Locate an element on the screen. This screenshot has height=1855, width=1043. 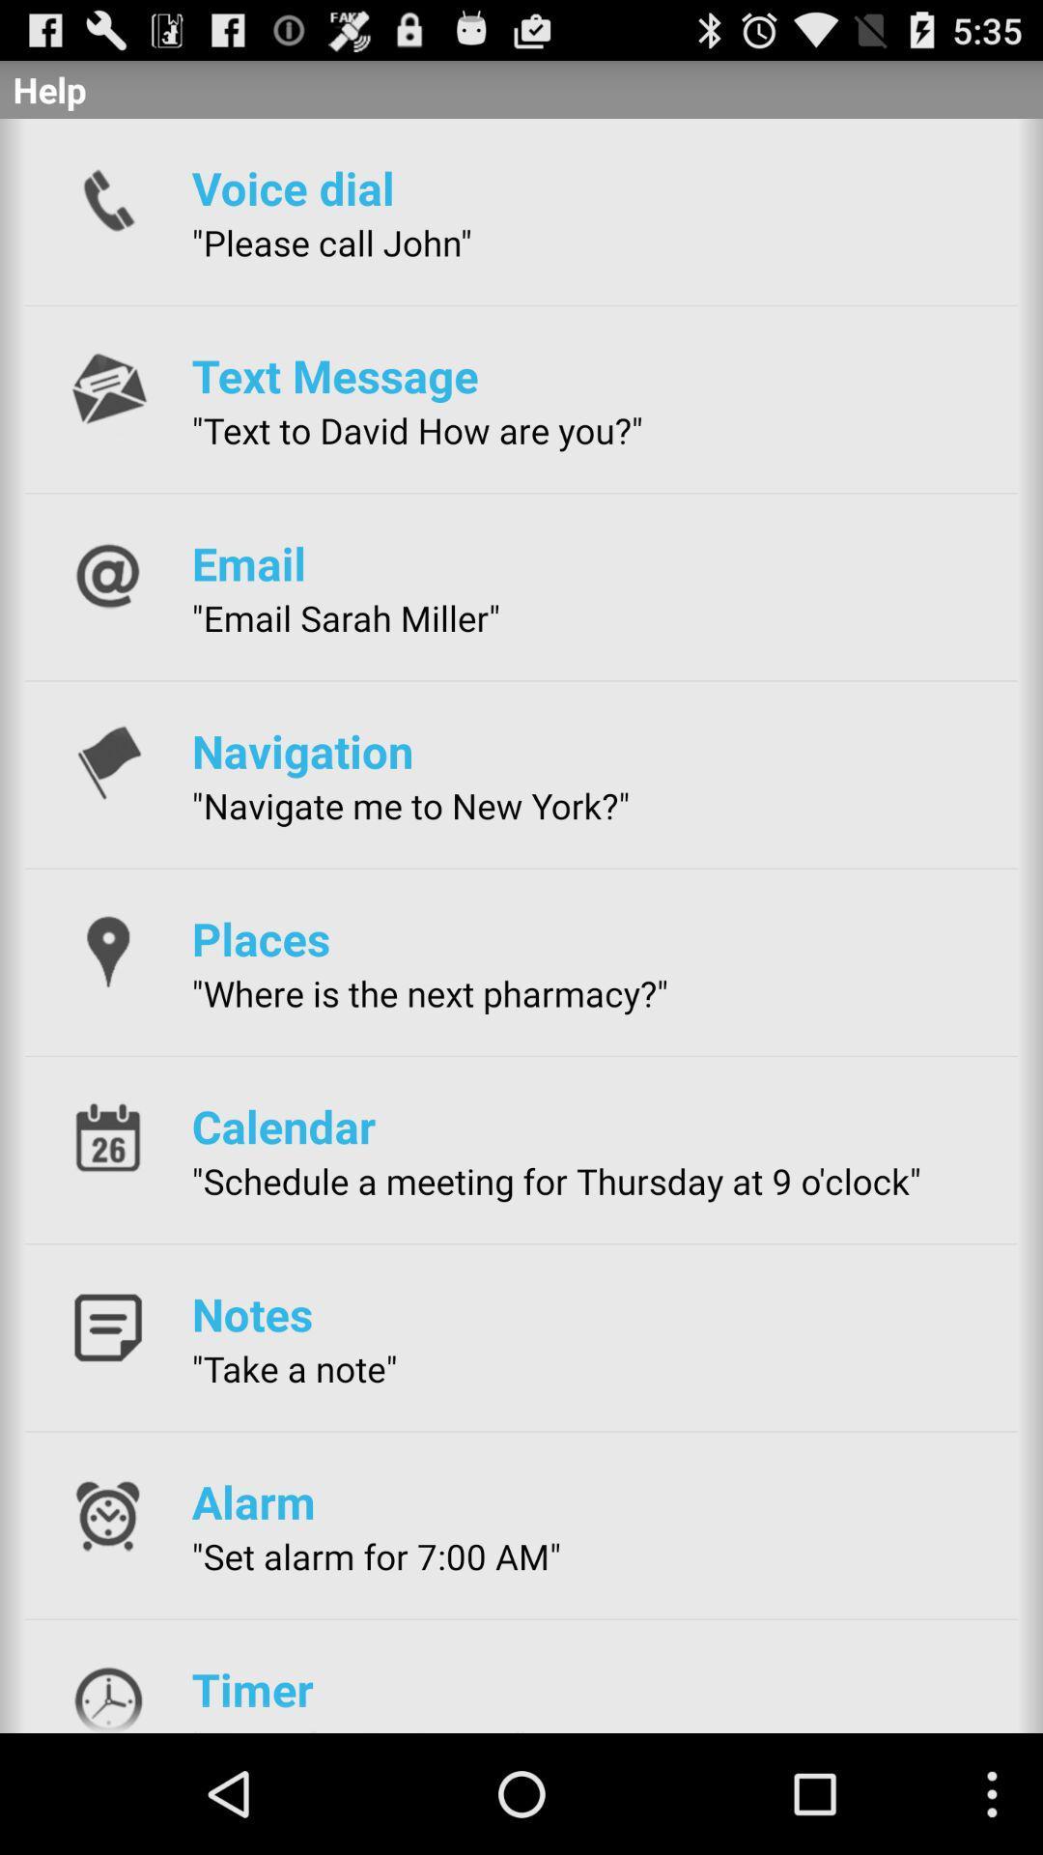
the icon above the email is located at coordinates (416, 429).